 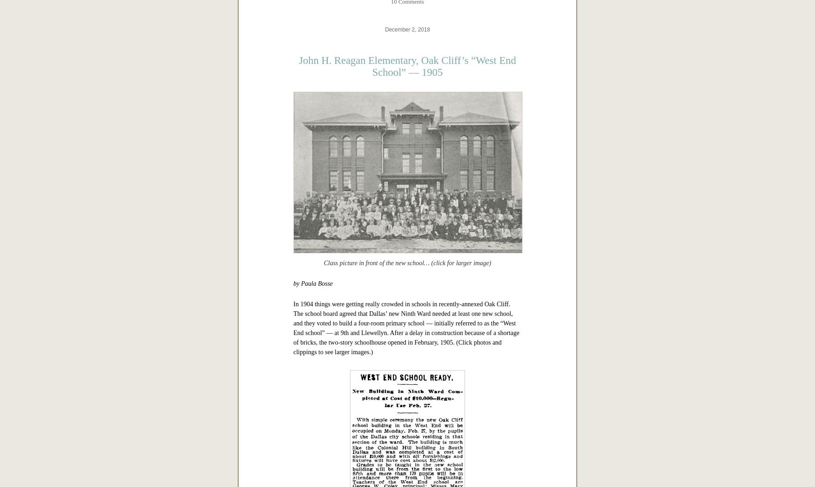 What do you see at coordinates (407, 164) in the screenshot?
I see `'*'` at bounding box center [407, 164].